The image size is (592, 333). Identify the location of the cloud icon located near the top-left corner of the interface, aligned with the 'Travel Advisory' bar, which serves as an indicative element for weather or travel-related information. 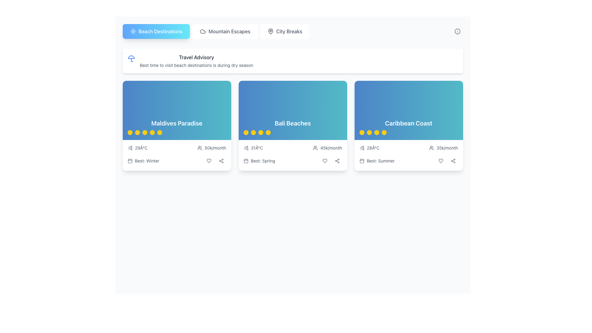
(203, 31).